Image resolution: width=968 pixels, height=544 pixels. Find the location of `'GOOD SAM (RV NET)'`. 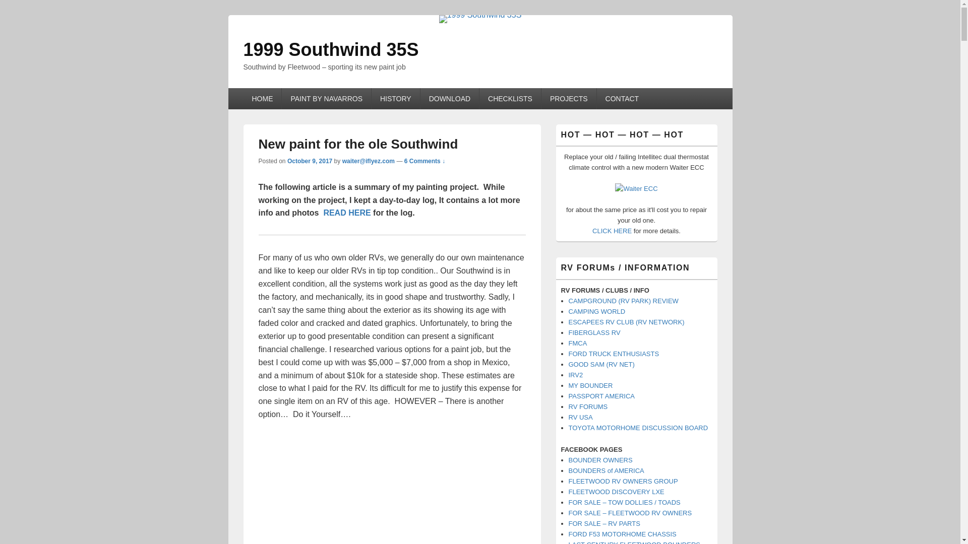

'GOOD SAM (RV NET)' is located at coordinates (601, 364).